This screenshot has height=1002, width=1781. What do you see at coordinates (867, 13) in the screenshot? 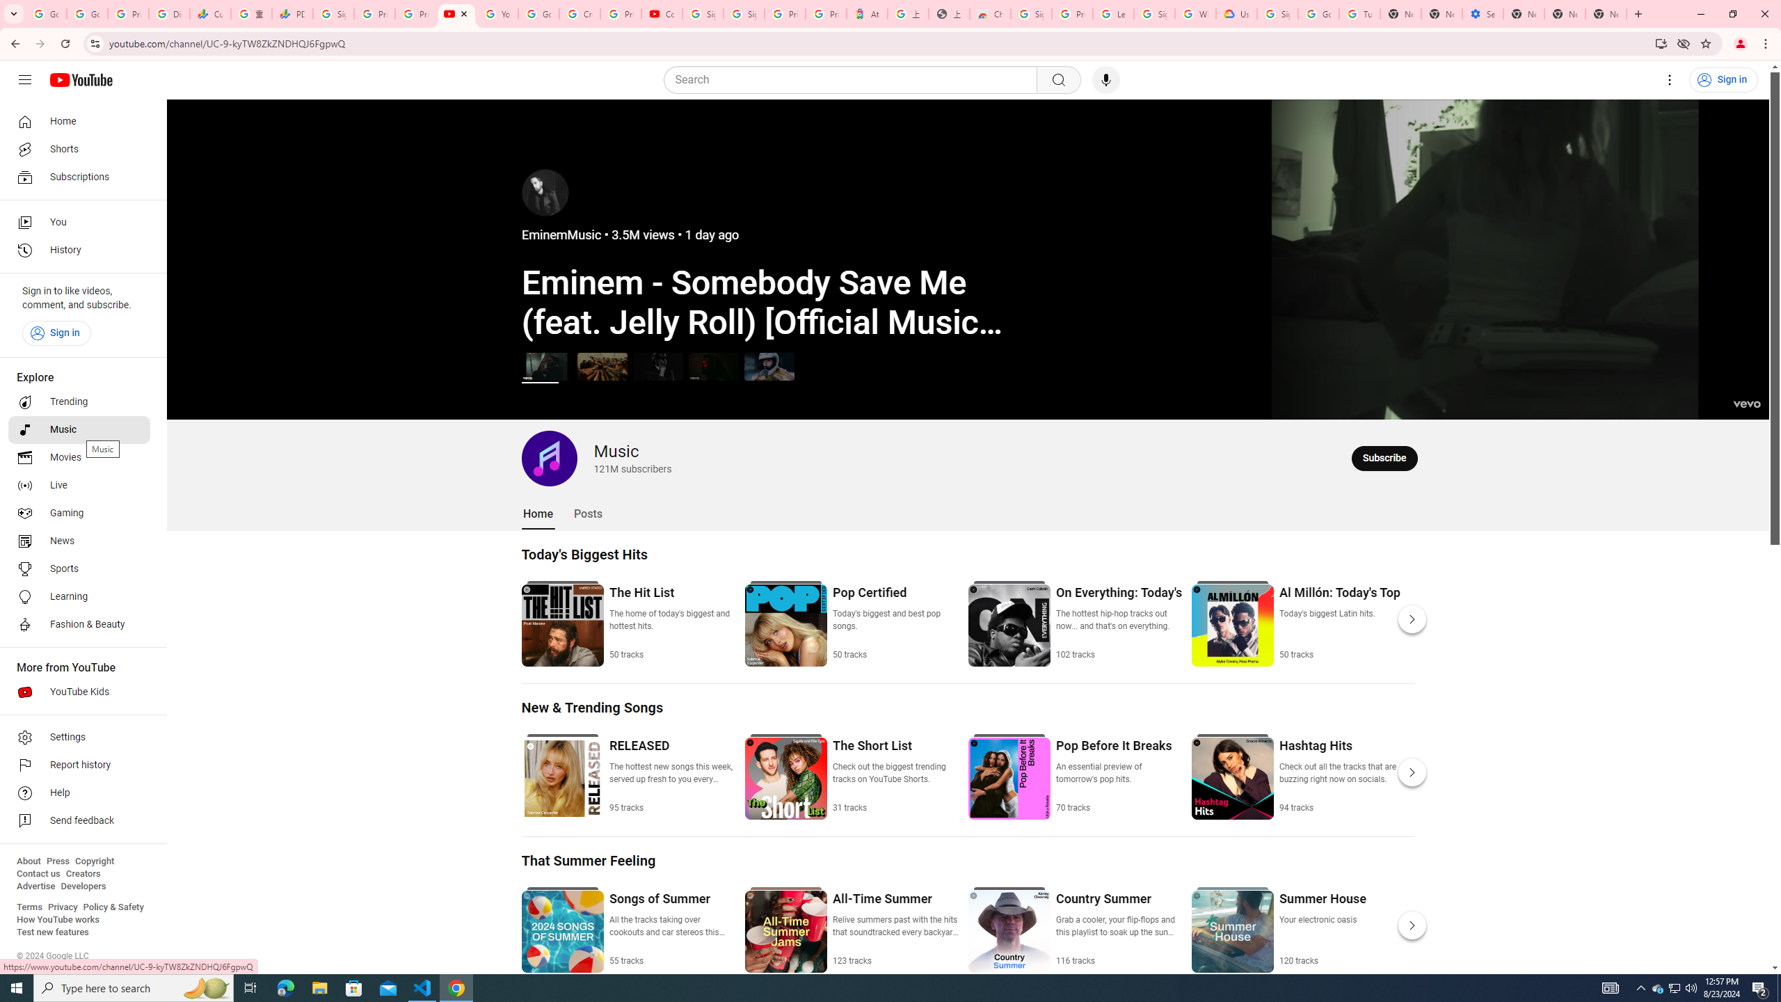
I see `'Atour Hotel - Google hotels'` at bounding box center [867, 13].